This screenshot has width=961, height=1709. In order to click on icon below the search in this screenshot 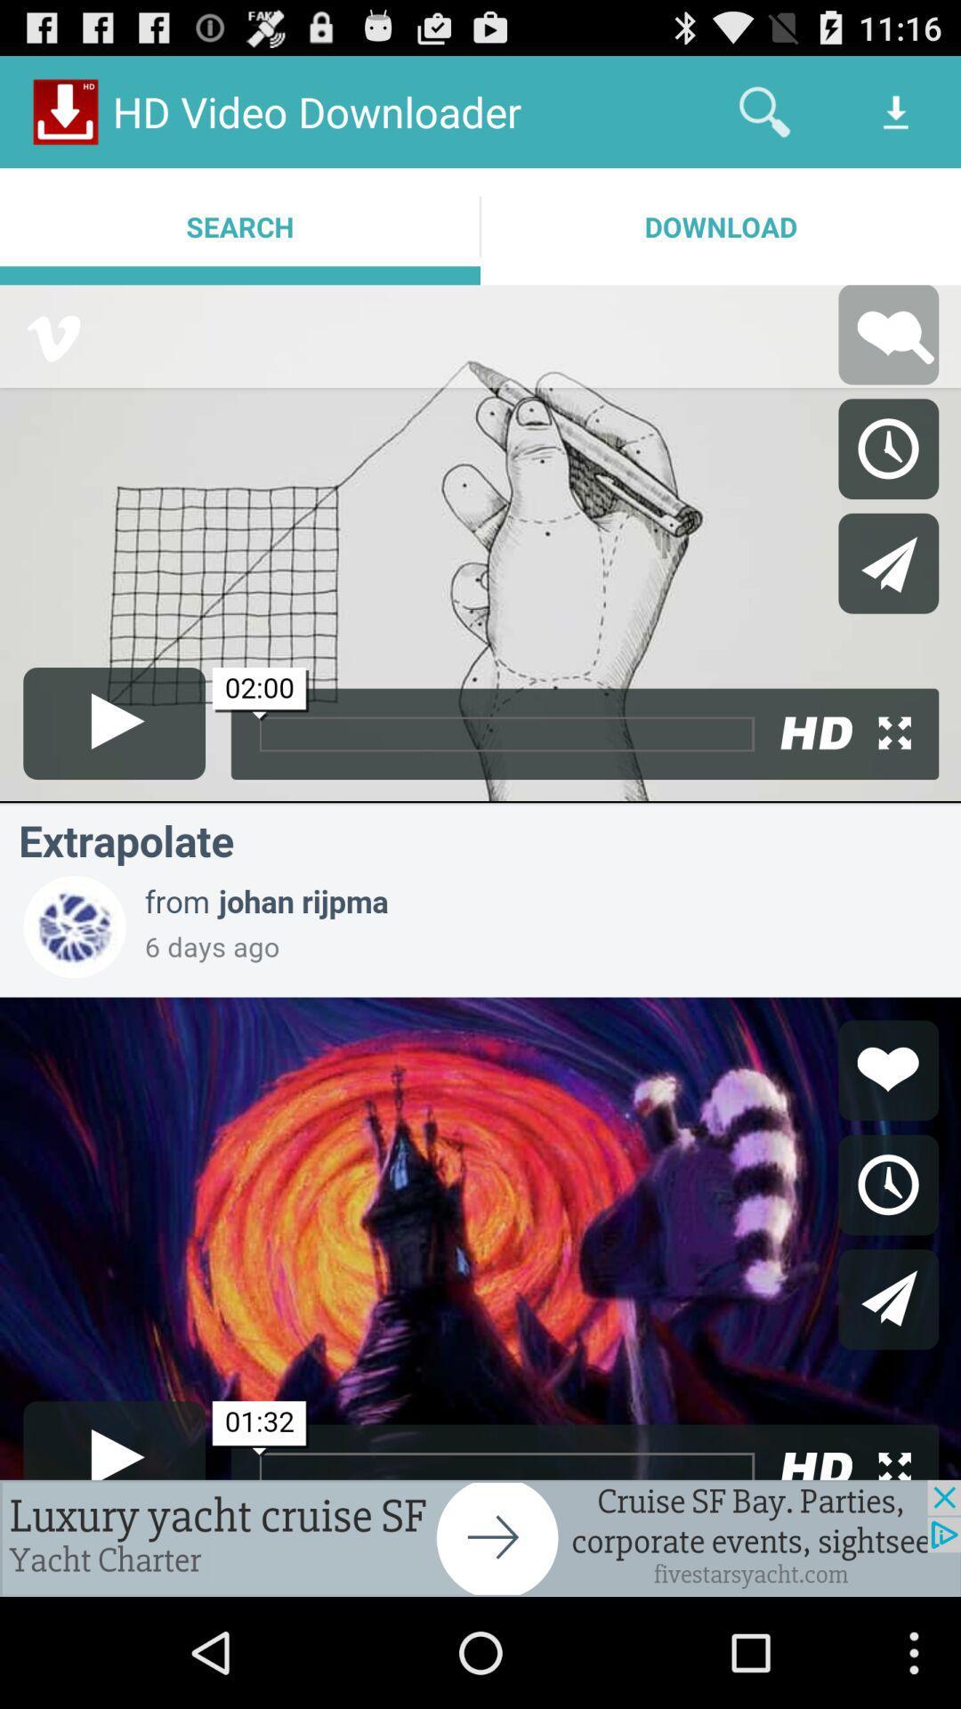, I will do `click(480, 1537)`.